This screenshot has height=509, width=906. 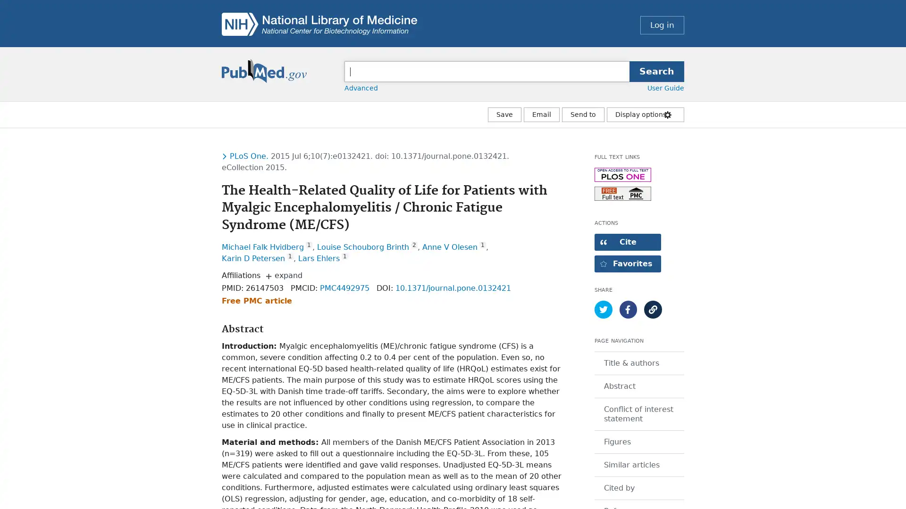 What do you see at coordinates (583, 114) in the screenshot?
I see `More Actions` at bounding box center [583, 114].